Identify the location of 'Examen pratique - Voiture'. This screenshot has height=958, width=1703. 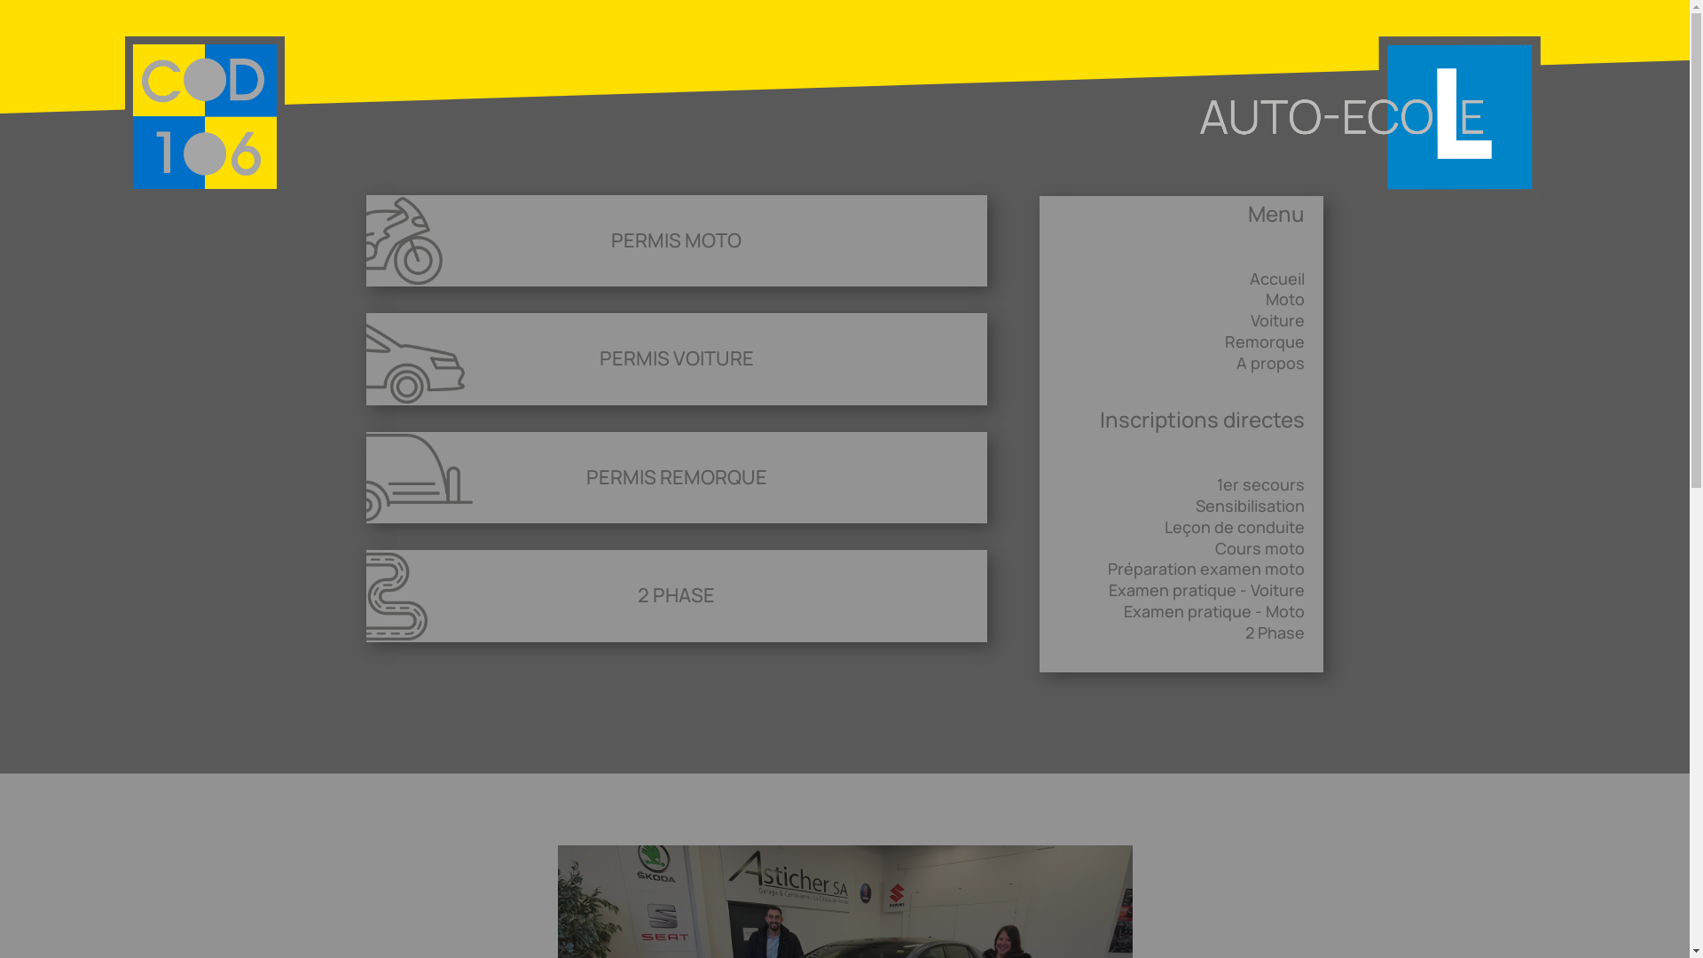
(1206, 589).